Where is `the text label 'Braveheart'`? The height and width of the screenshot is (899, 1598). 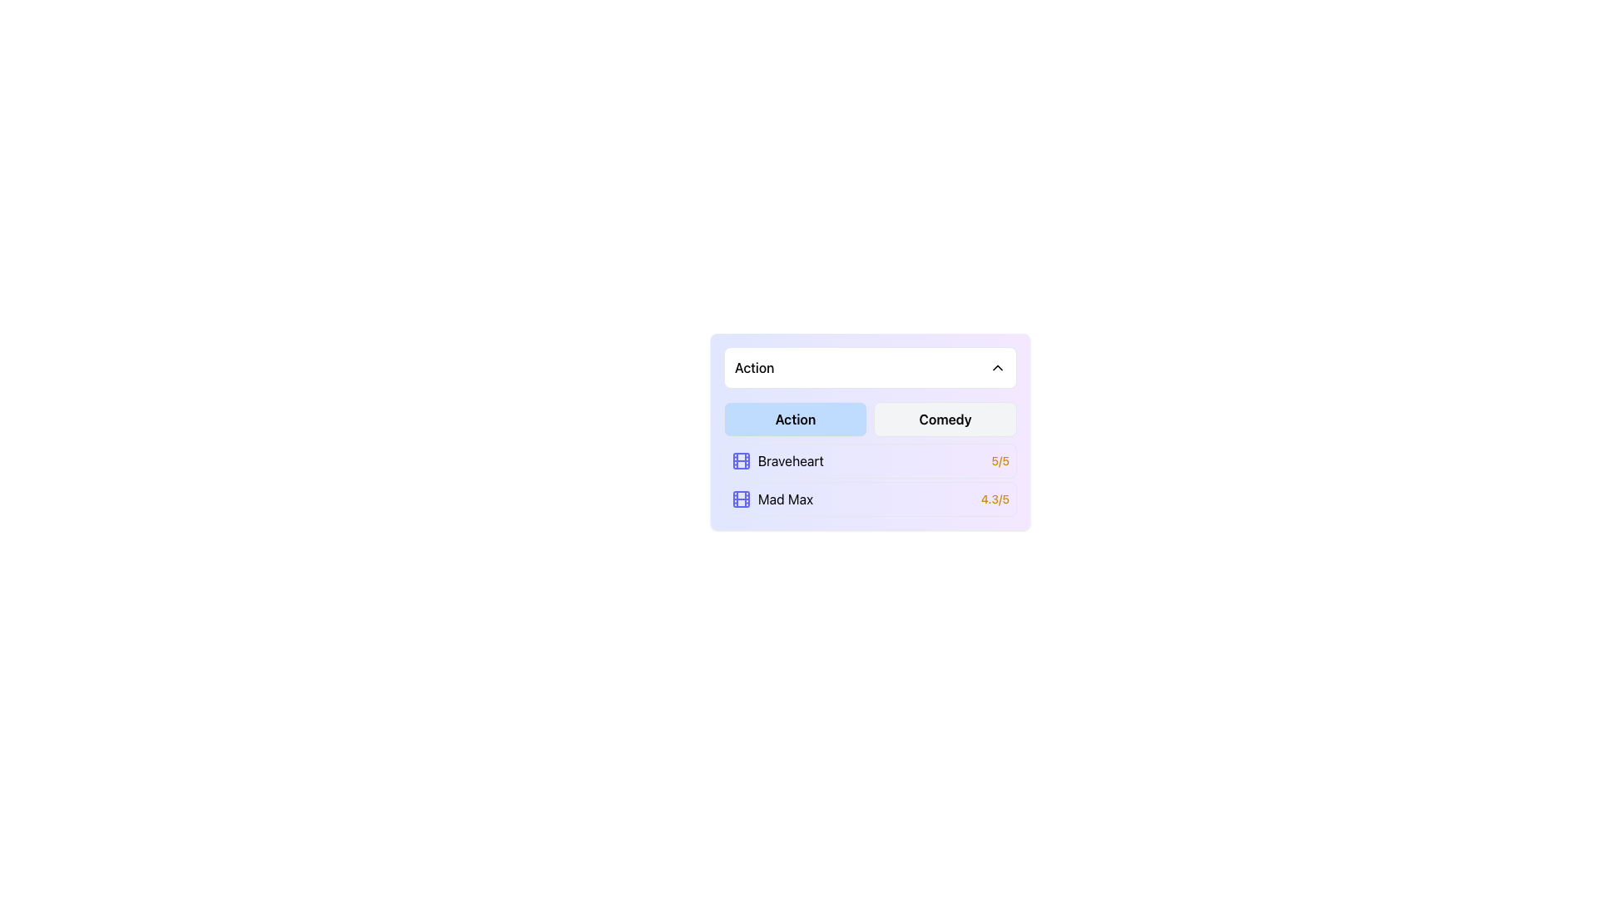
the text label 'Braveheart' is located at coordinates (790, 461).